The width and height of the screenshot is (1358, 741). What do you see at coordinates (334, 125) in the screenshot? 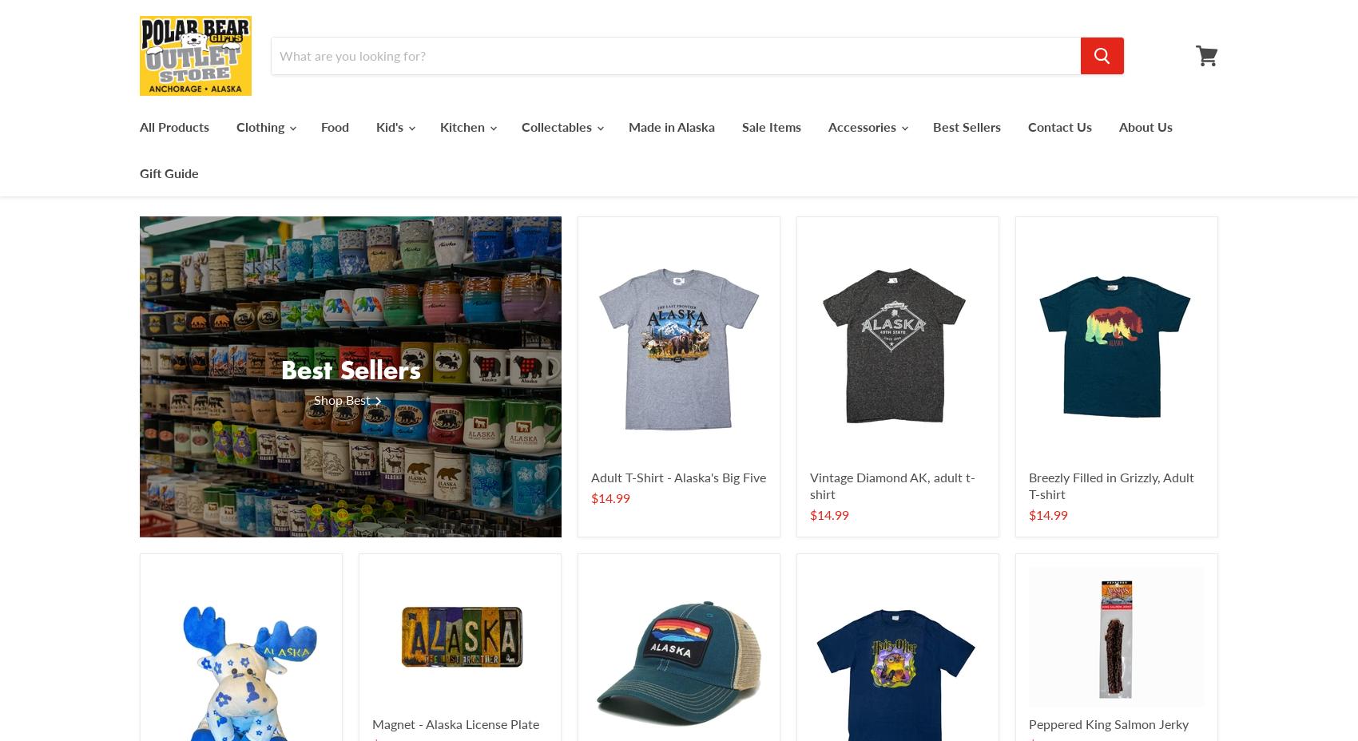
I see `'Food'` at bounding box center [334, 125].